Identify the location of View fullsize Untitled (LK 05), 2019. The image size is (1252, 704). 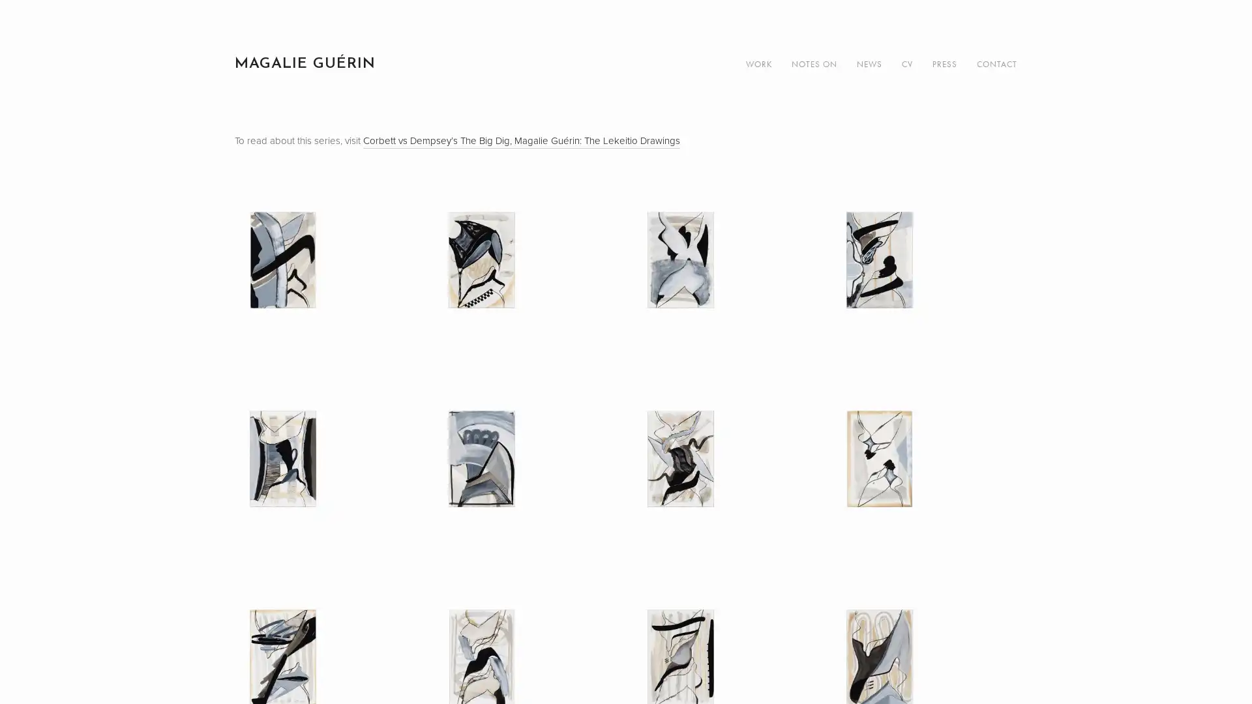
(327, 503).